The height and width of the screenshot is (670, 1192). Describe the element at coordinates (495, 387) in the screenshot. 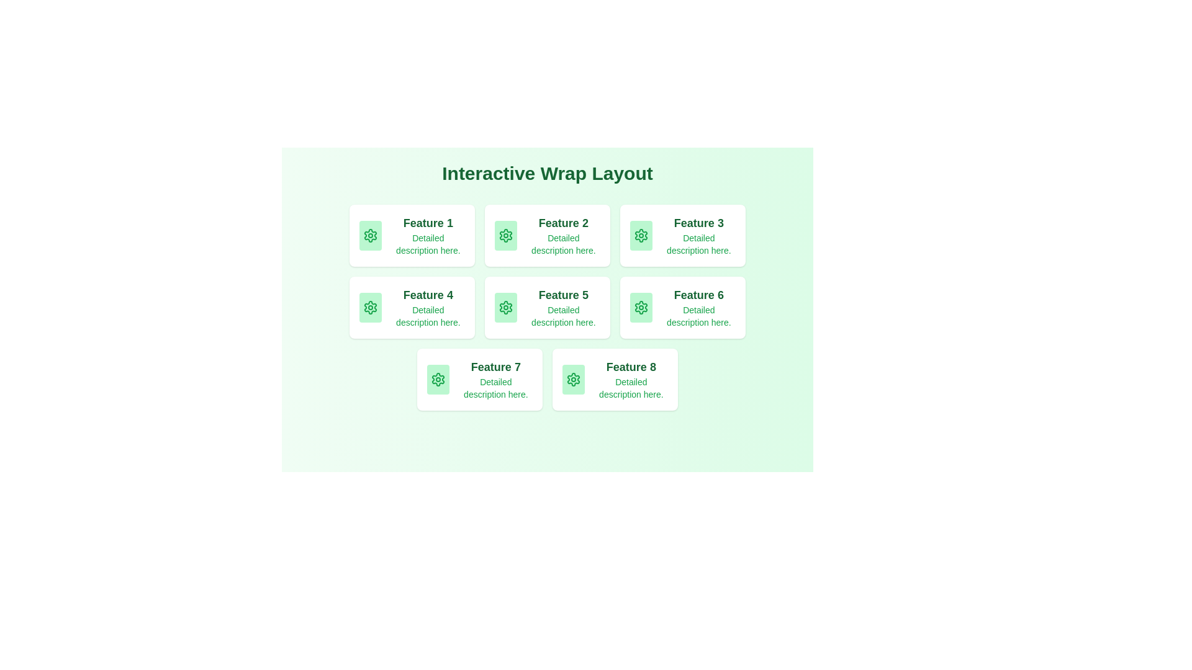

I see `the text label displaying 'Detailed description here.' located below the title 'Feature 7' in the card layout to check for hover effects` at that location.